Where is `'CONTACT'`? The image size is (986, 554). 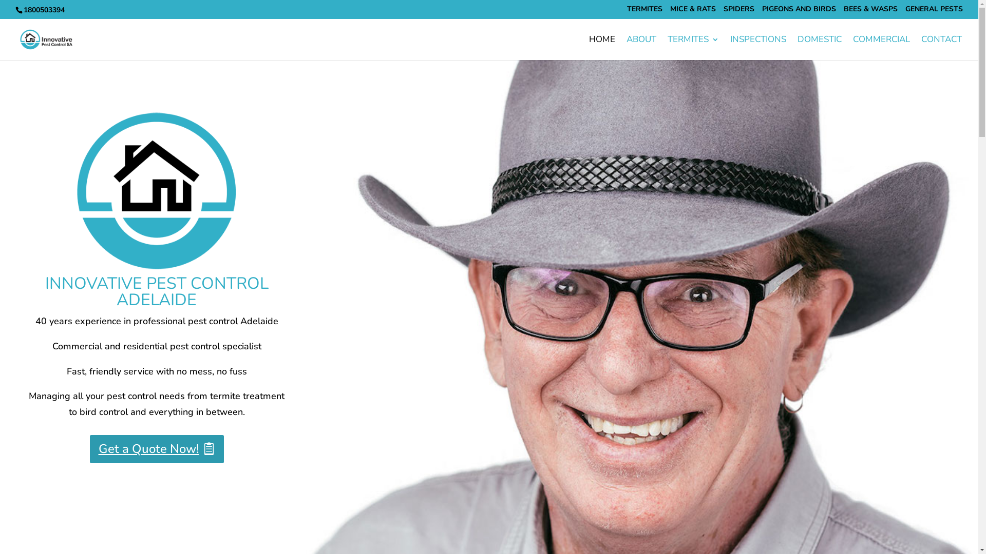
'CONTACT' is located at coordinates (941, 48).